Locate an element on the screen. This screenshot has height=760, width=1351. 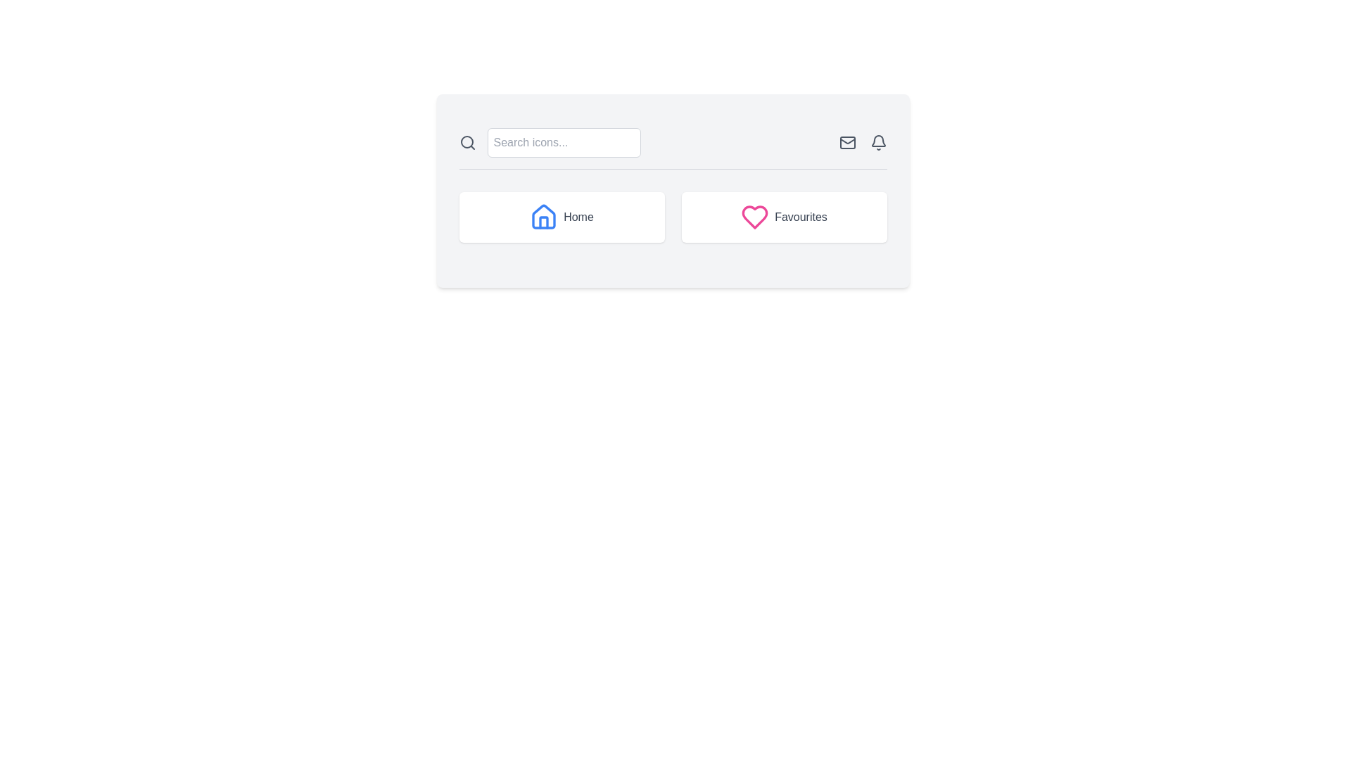
the bell icon, which is the second item from the right in the toolbar is located at coordinates (877, 143).